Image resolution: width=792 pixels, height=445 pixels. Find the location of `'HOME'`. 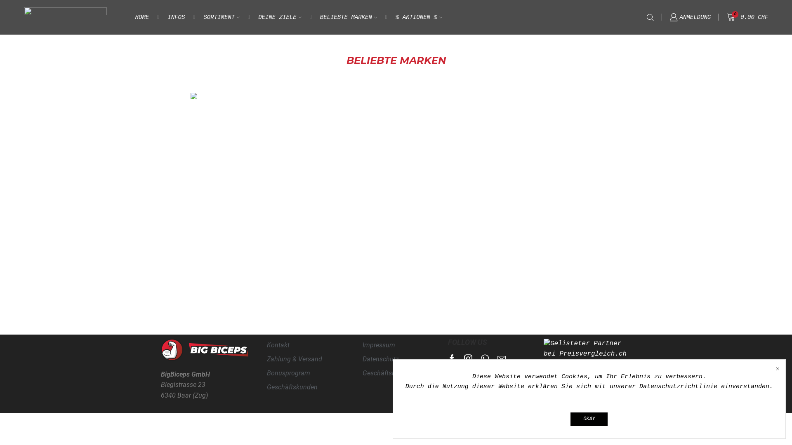

'HOME' is located at coordinates (142, 17).